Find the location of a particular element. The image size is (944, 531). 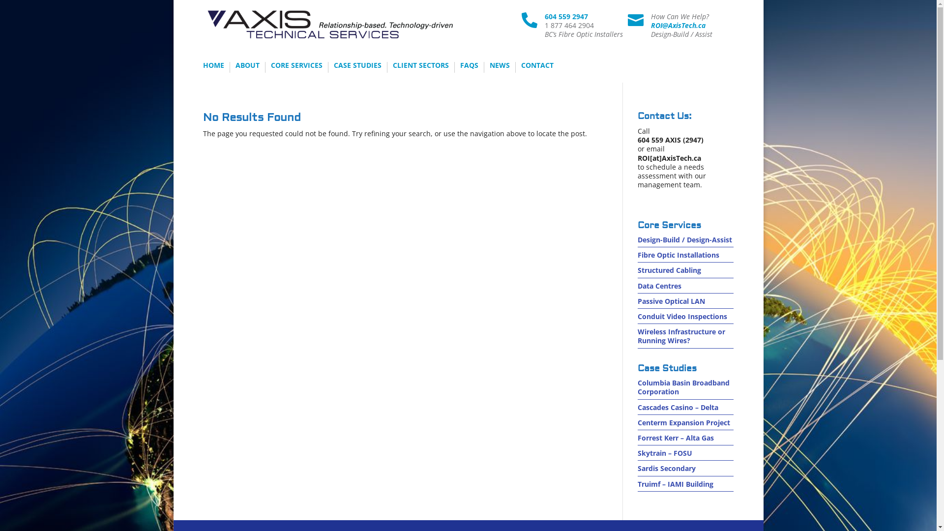

'NEWS' is located at coordinates (500, 67).